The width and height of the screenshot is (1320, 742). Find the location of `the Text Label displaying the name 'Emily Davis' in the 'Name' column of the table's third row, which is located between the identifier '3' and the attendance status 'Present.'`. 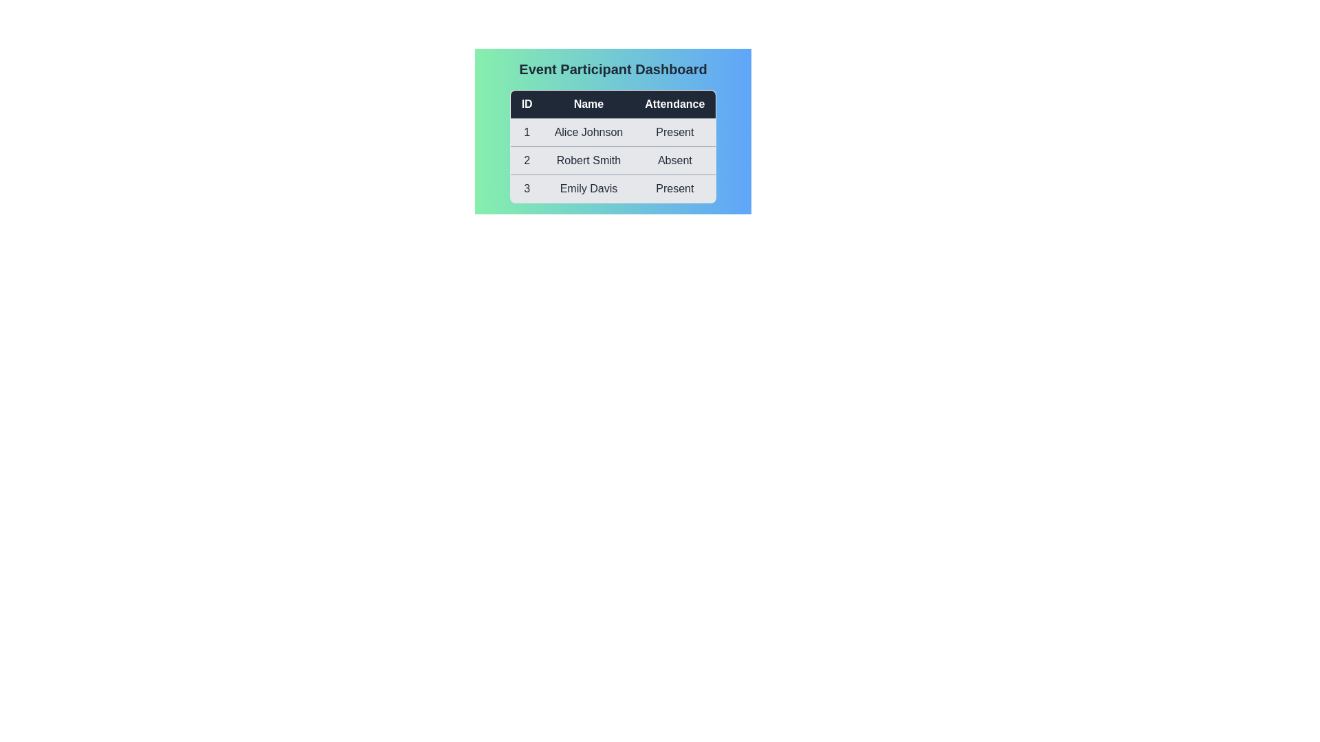

the Text Label displaying the name 'Emily Davis' in the 'Name' column of the table's third row, which is located between the identifier '3' and the attendance status 'Present.' is located at coordinates (588, 188).